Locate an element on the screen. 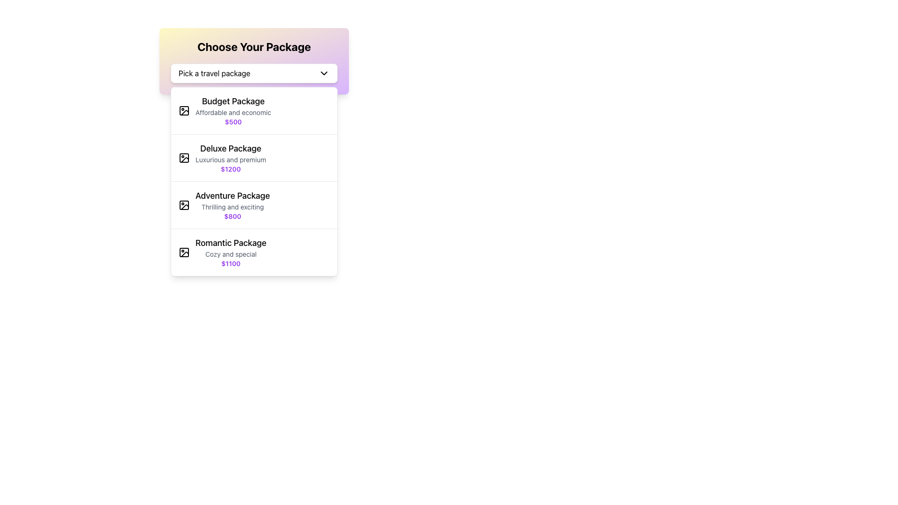  the rounded rectangle icon element representing a missing image within the SVG graphic, located near the top-left corner above a circular section is located at coordinates (184, 110).